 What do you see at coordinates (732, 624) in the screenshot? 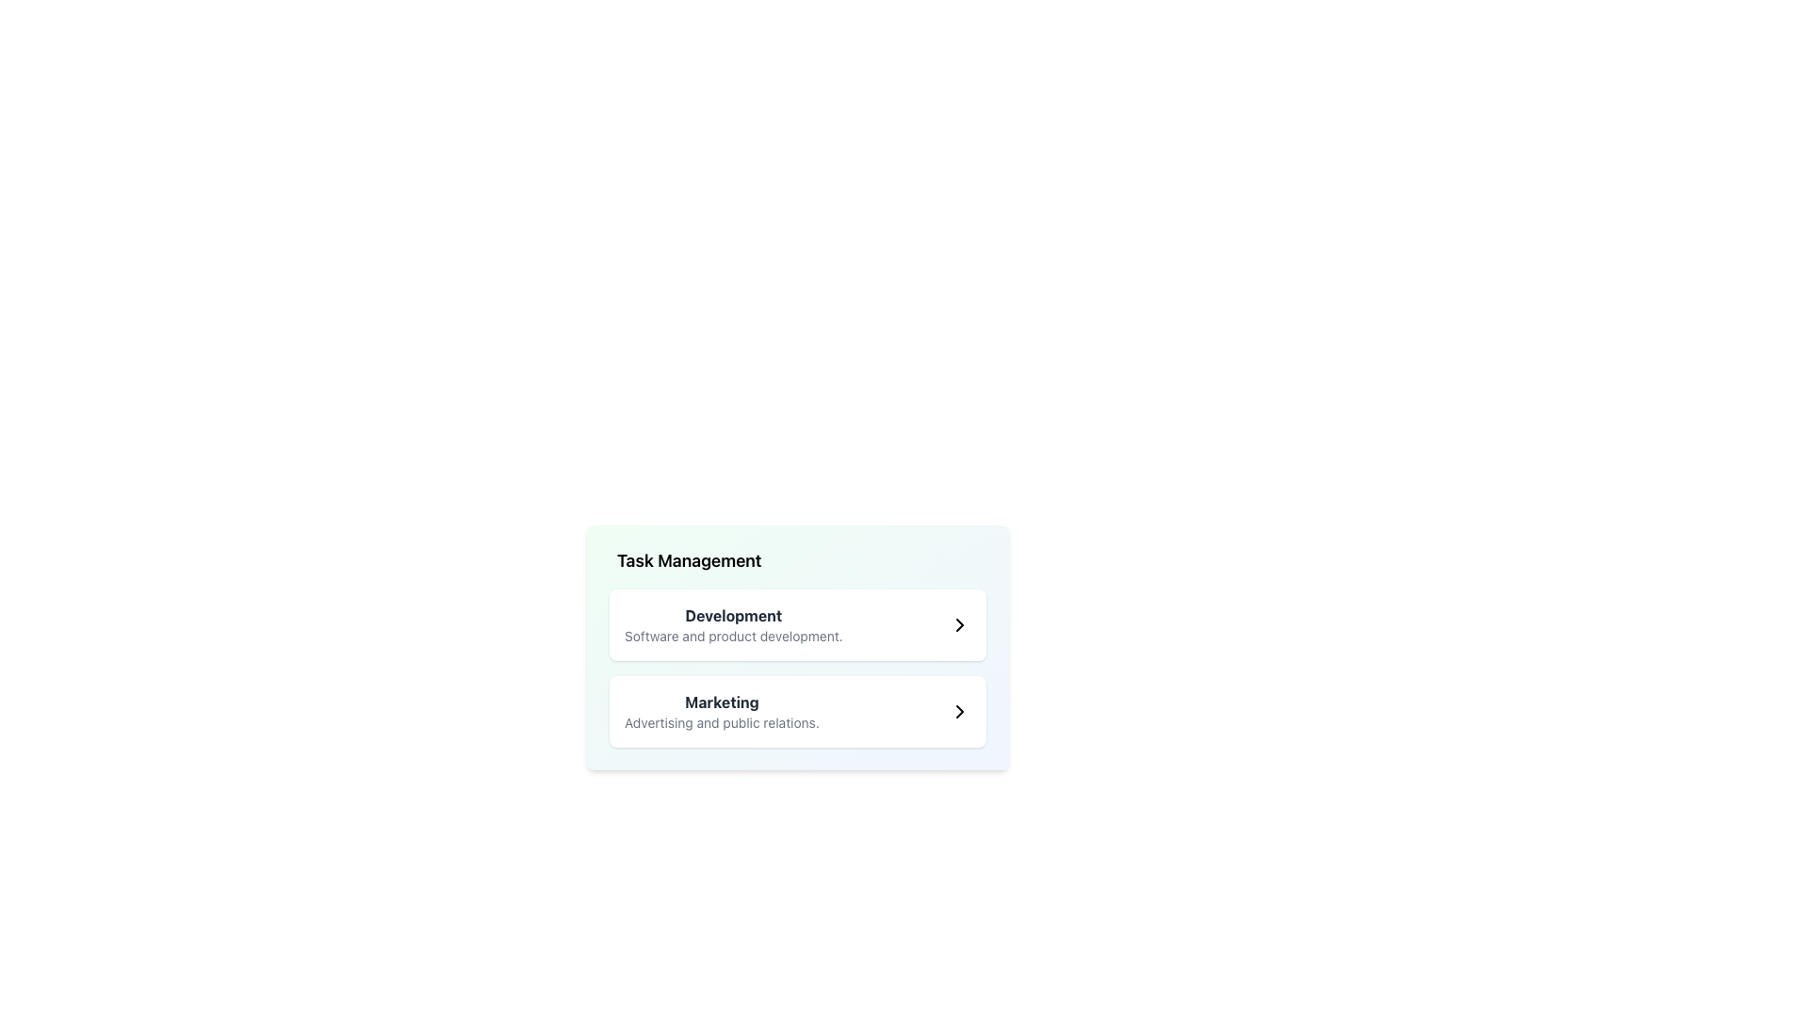
I see `the first List Item in the Task Management card` at bounding box center [732, 624].